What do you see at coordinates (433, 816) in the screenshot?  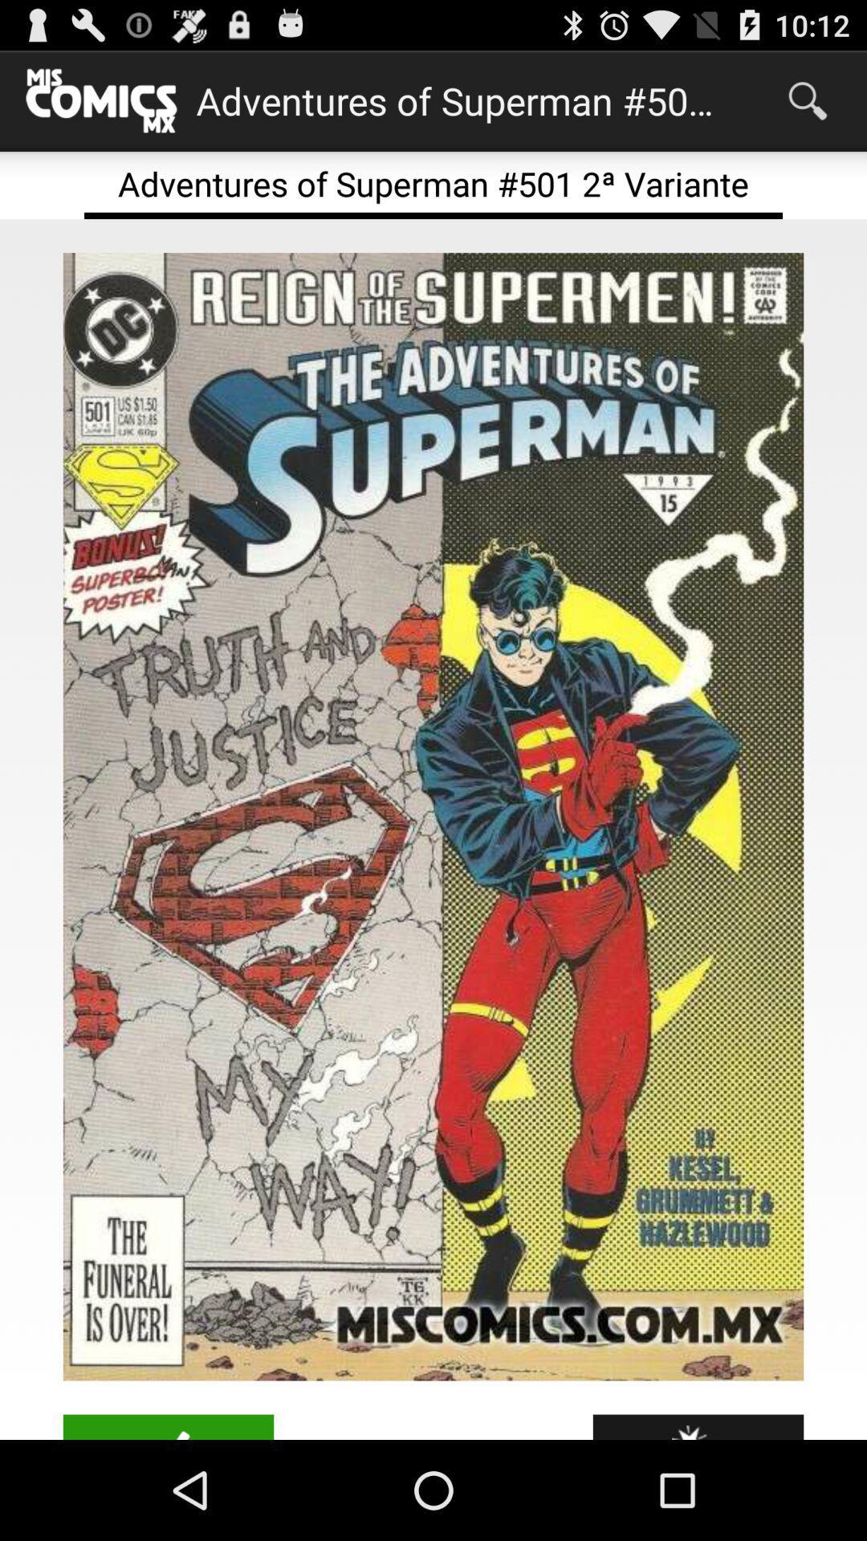 I see `the app below the adventures of superman` at bounding box center [433, 816].